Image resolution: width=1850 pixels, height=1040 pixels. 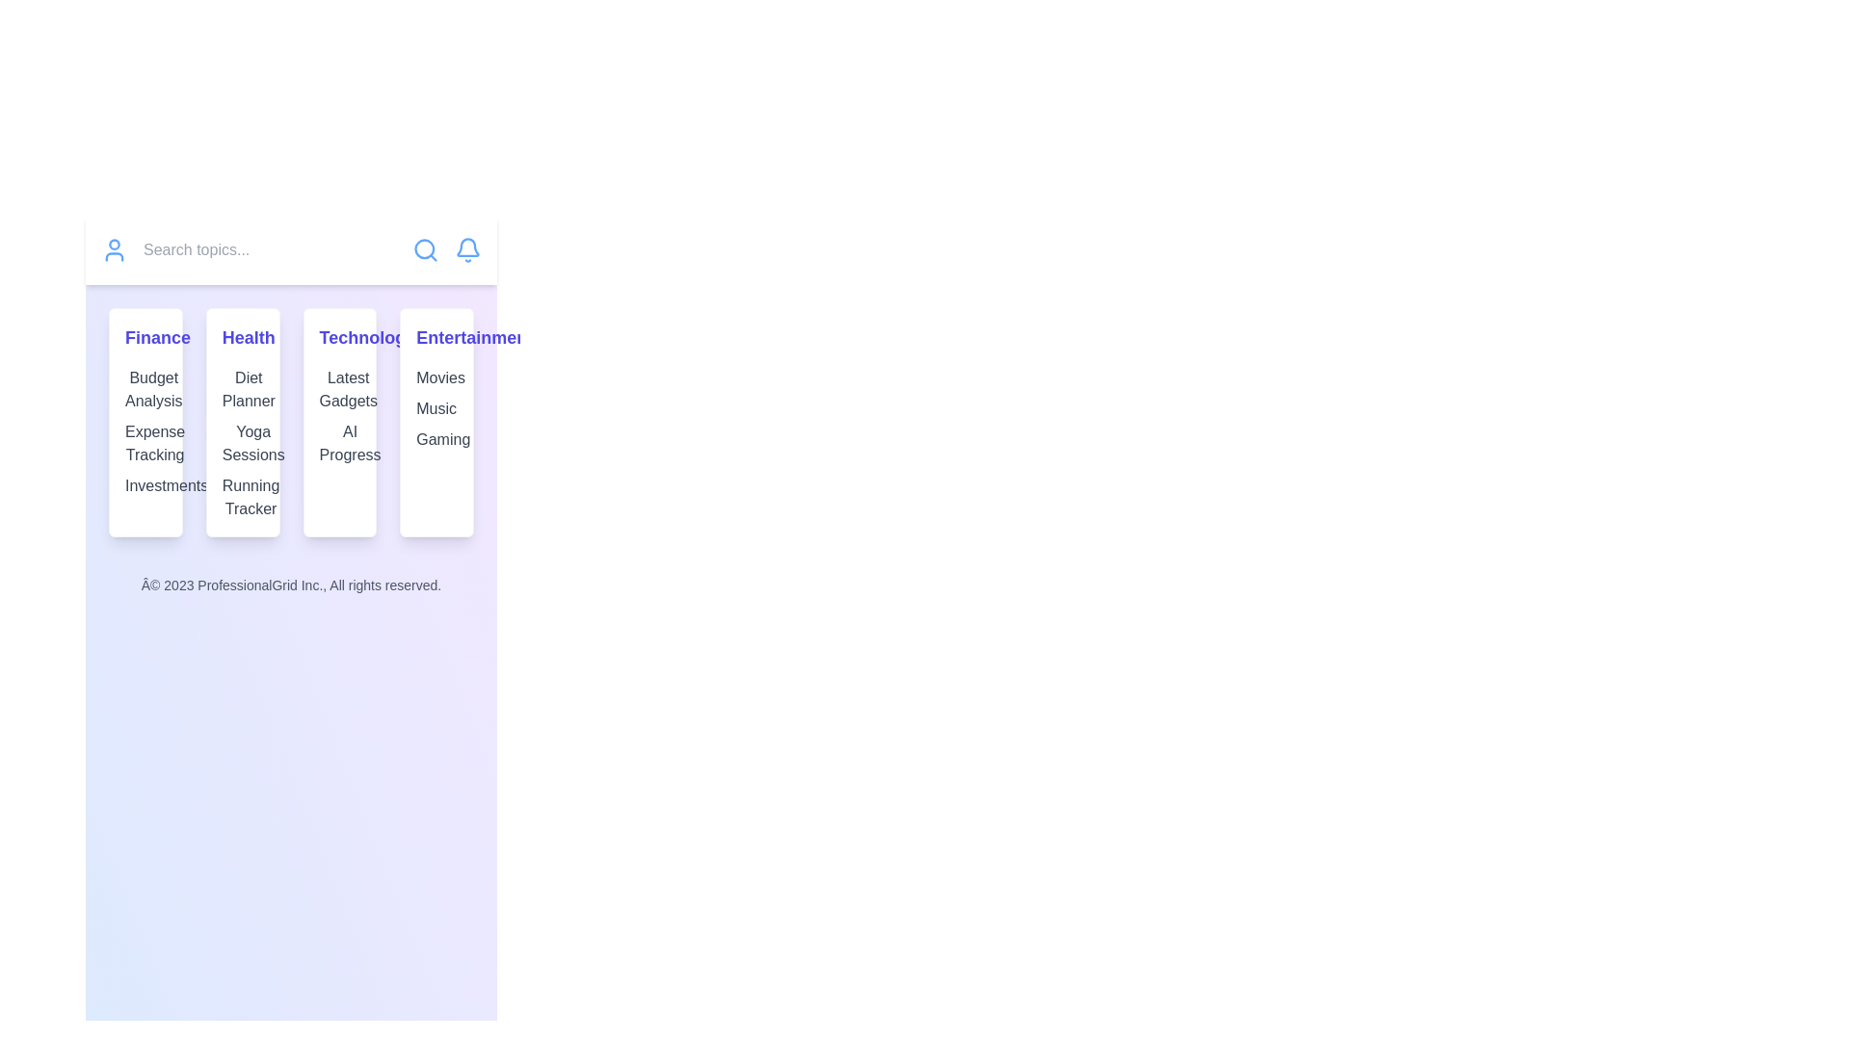 What do you see at coordinates (339, 390) in the screenshot?
I see `the 'Latest Gadgets' text label located in the 'Technology' column, which is the first item in the vertical list above 'AI Progress'` at bounding box center [339, 390].